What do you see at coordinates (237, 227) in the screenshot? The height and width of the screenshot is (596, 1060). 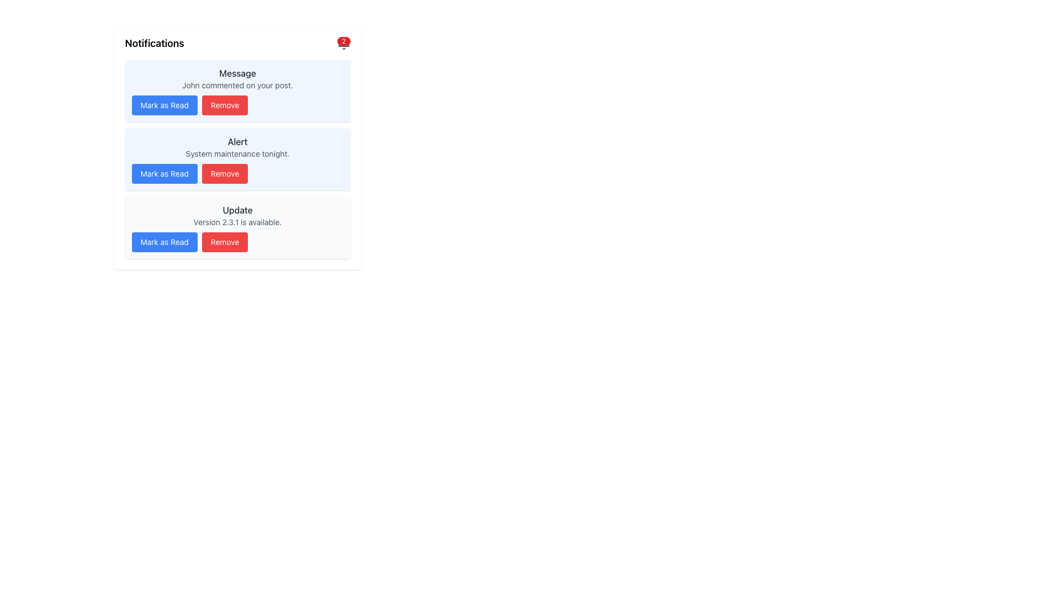 I see `the 'Remove' button on the Notification Card that informs the user about the update to Version 2.3.1, which is the third item in the list of notifications` at bounding box center [237, 227].